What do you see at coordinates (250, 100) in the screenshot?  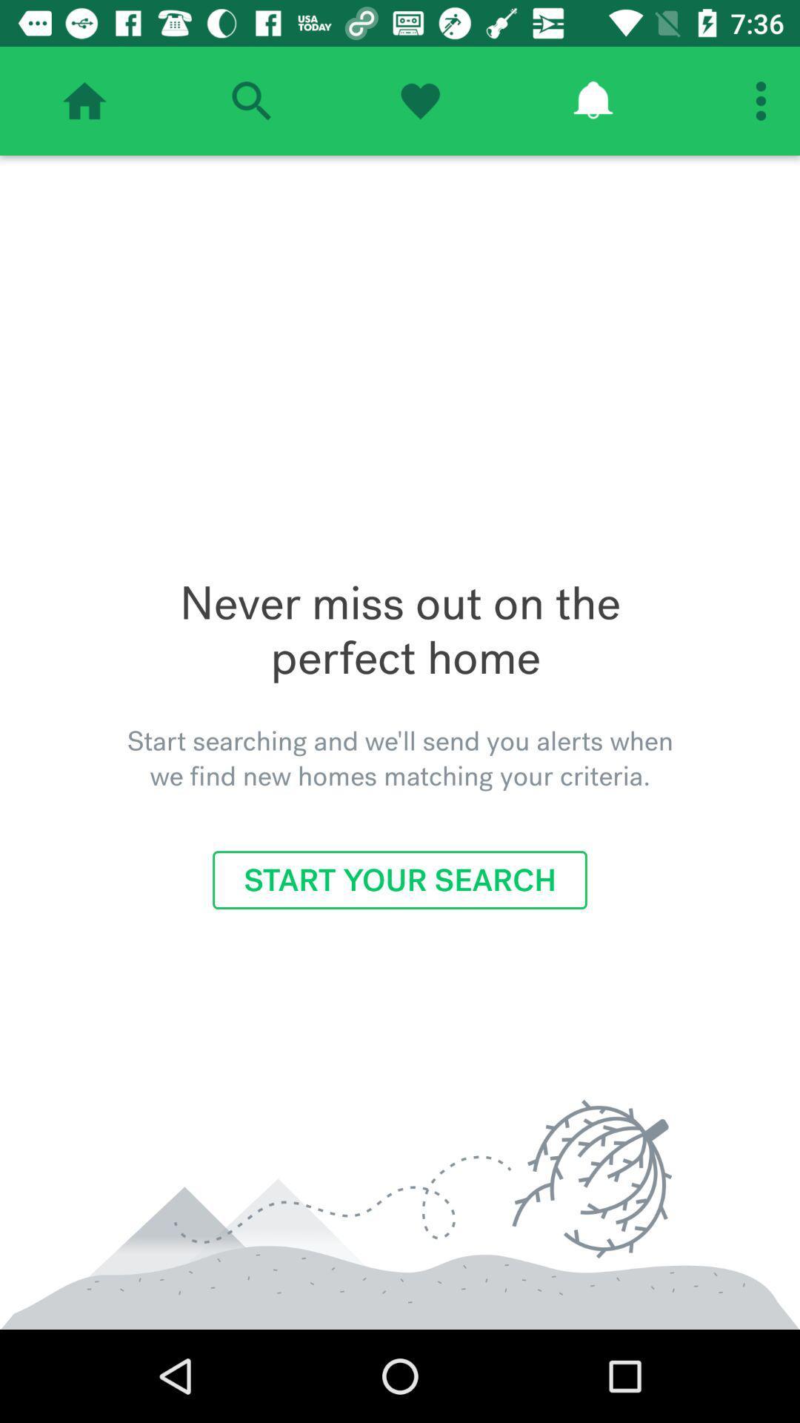 I see `search option` at bounding box center [250, 100].